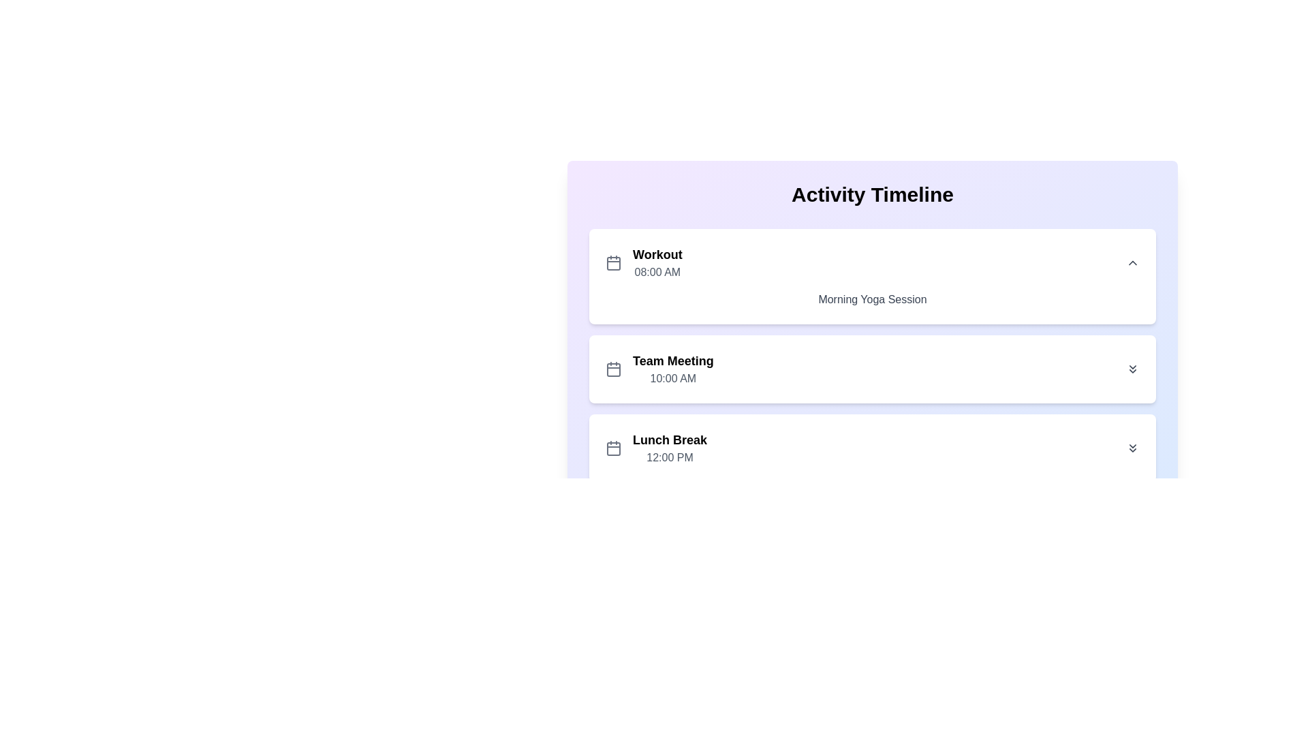  Describe the element at coordinates (613, 369) in the screenshot. I see `the calendar icon located at the top-left corner of the 'Team Meeting' timeline entry, which is styled in a minimalistic manner and is 24x24 pixels in size` at that location.